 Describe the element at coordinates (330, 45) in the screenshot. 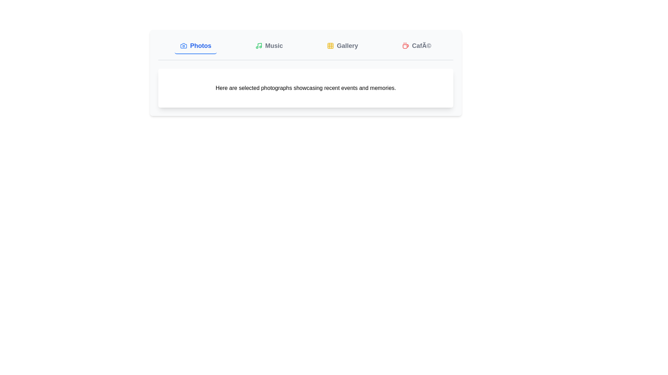

I see `the gallery or grid layout selector icon located to the left of the 'Gallery' text in the navigation bar` at that location.